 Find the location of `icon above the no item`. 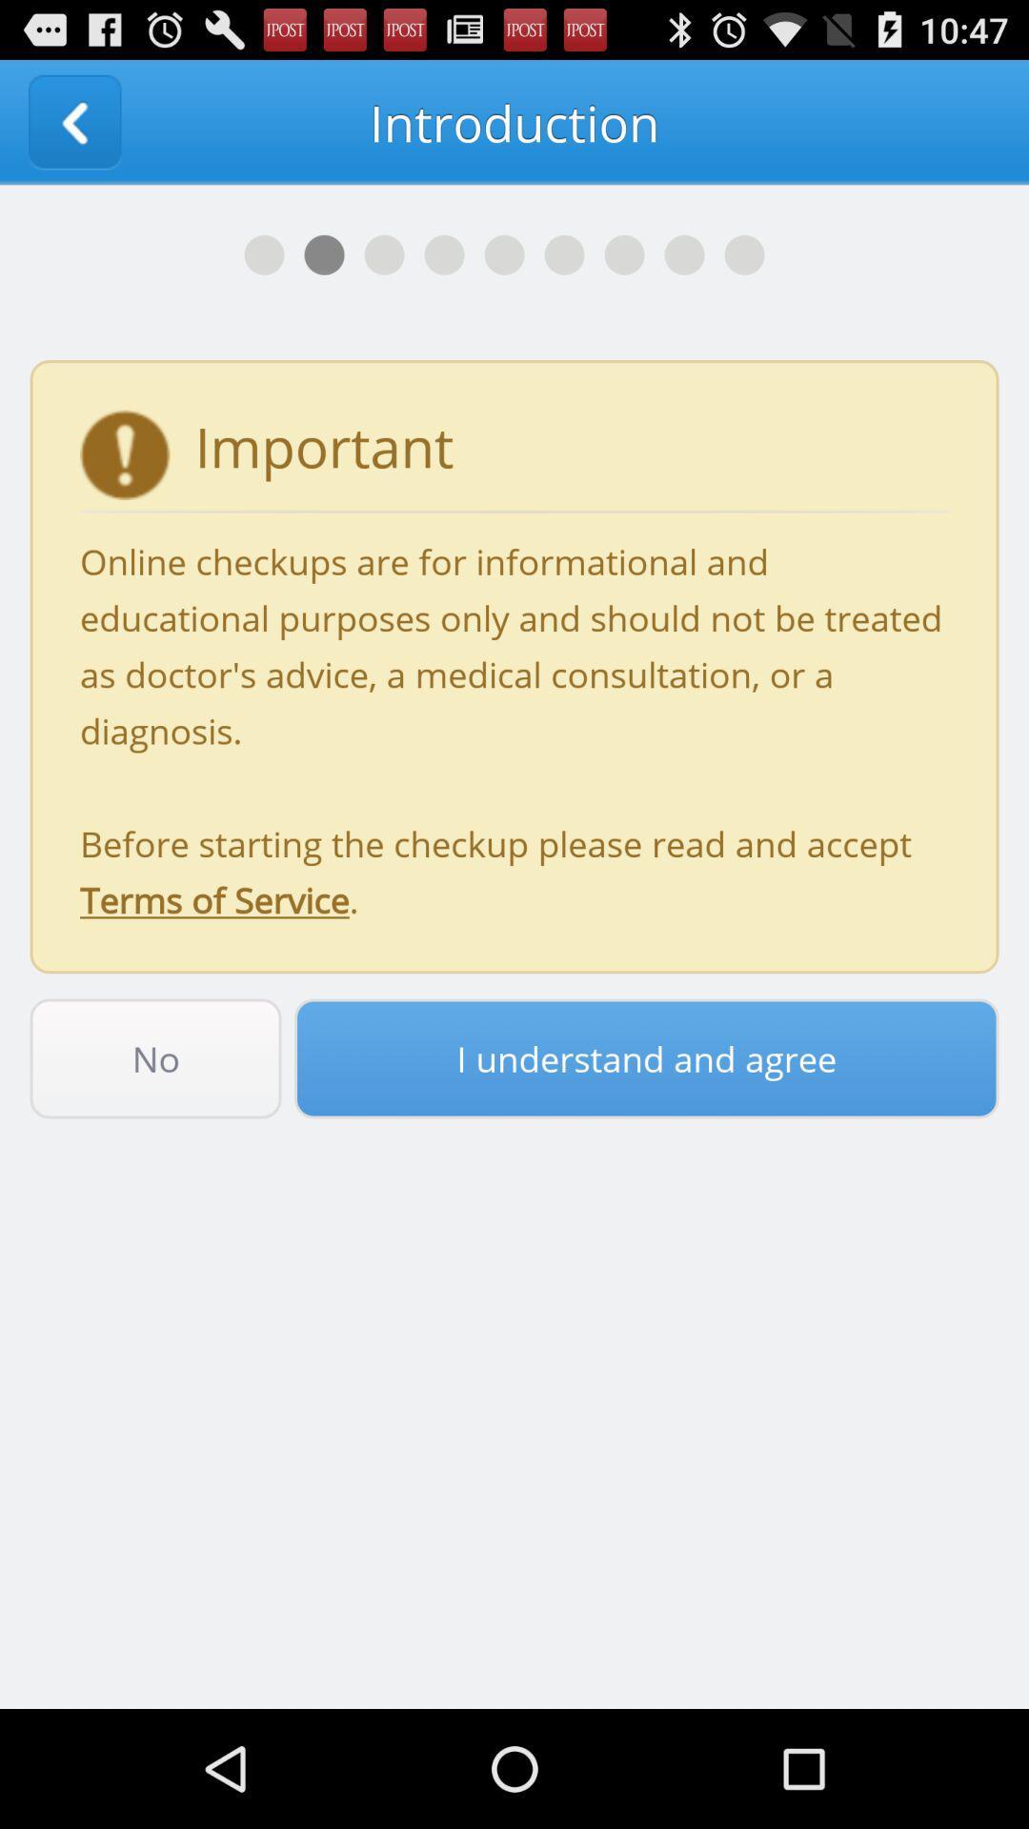

icon above the no item is located at coordinates (514, 730).